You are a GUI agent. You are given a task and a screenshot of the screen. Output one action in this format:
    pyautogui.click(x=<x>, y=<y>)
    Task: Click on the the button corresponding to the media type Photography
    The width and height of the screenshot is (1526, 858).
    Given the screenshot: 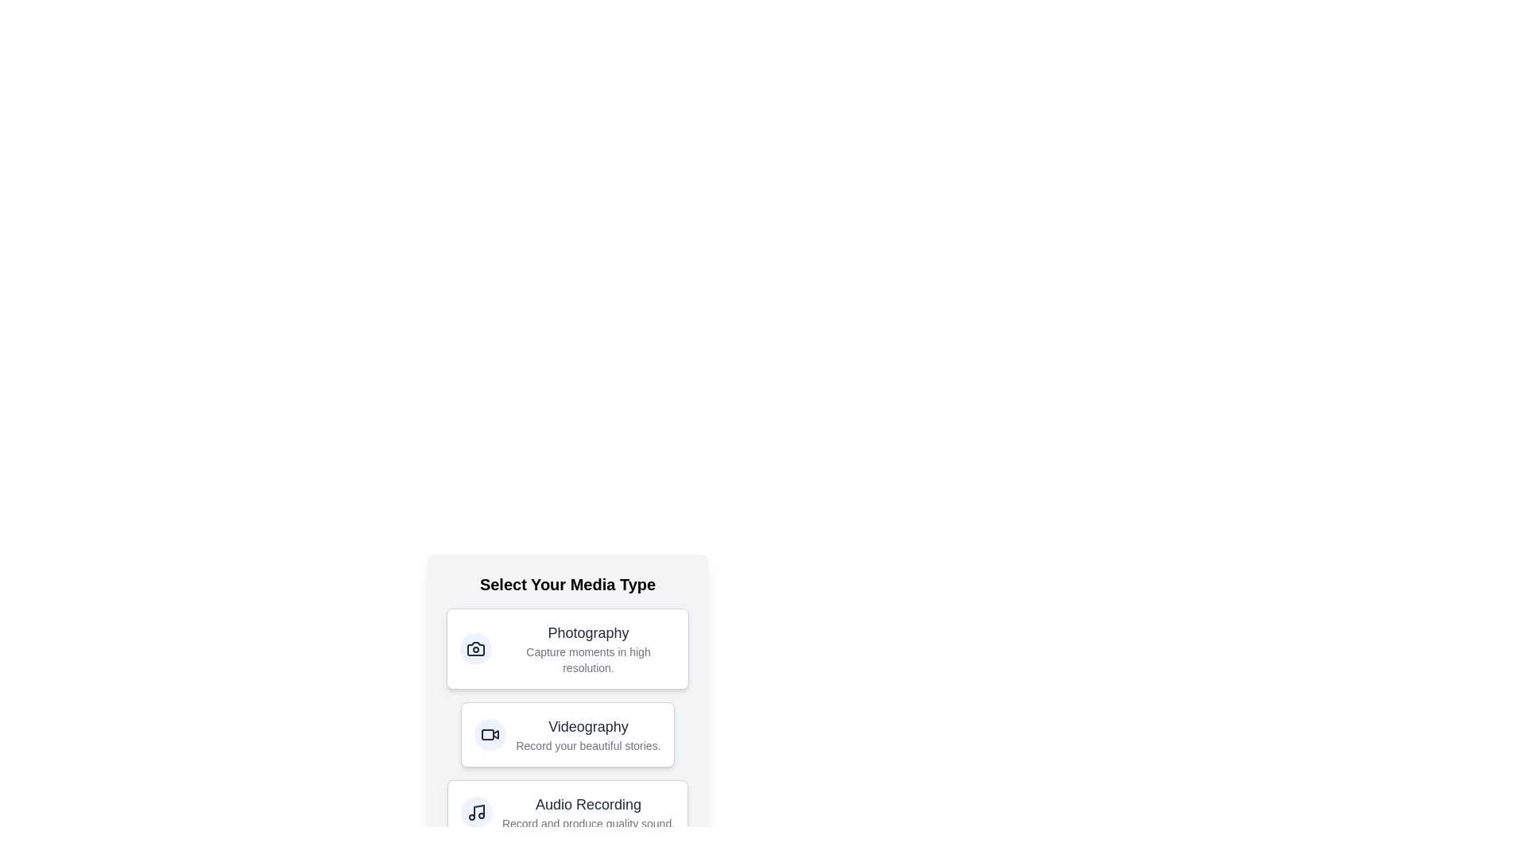 What is the action you would take?
    pyautogui.click(x=567, y=649)
    